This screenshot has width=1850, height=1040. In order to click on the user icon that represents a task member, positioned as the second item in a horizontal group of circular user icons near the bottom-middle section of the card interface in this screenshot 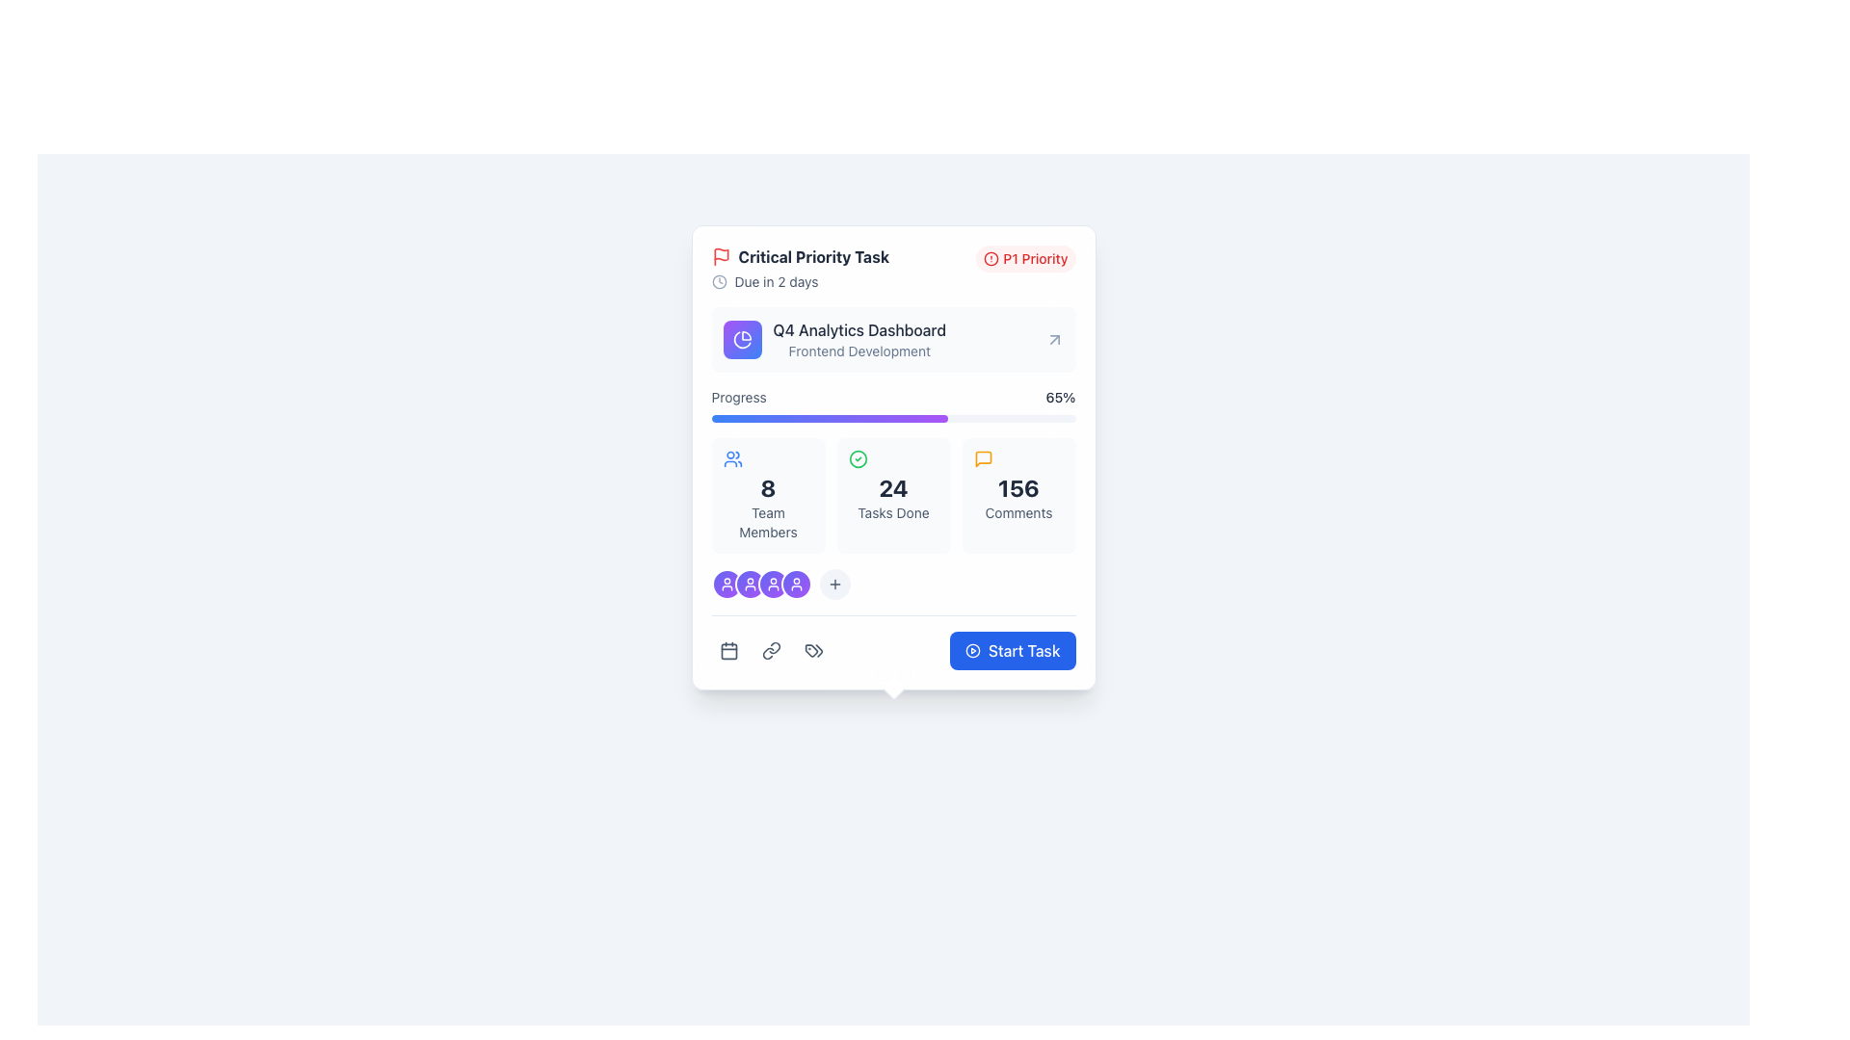, I will do `click(749, 583)`.